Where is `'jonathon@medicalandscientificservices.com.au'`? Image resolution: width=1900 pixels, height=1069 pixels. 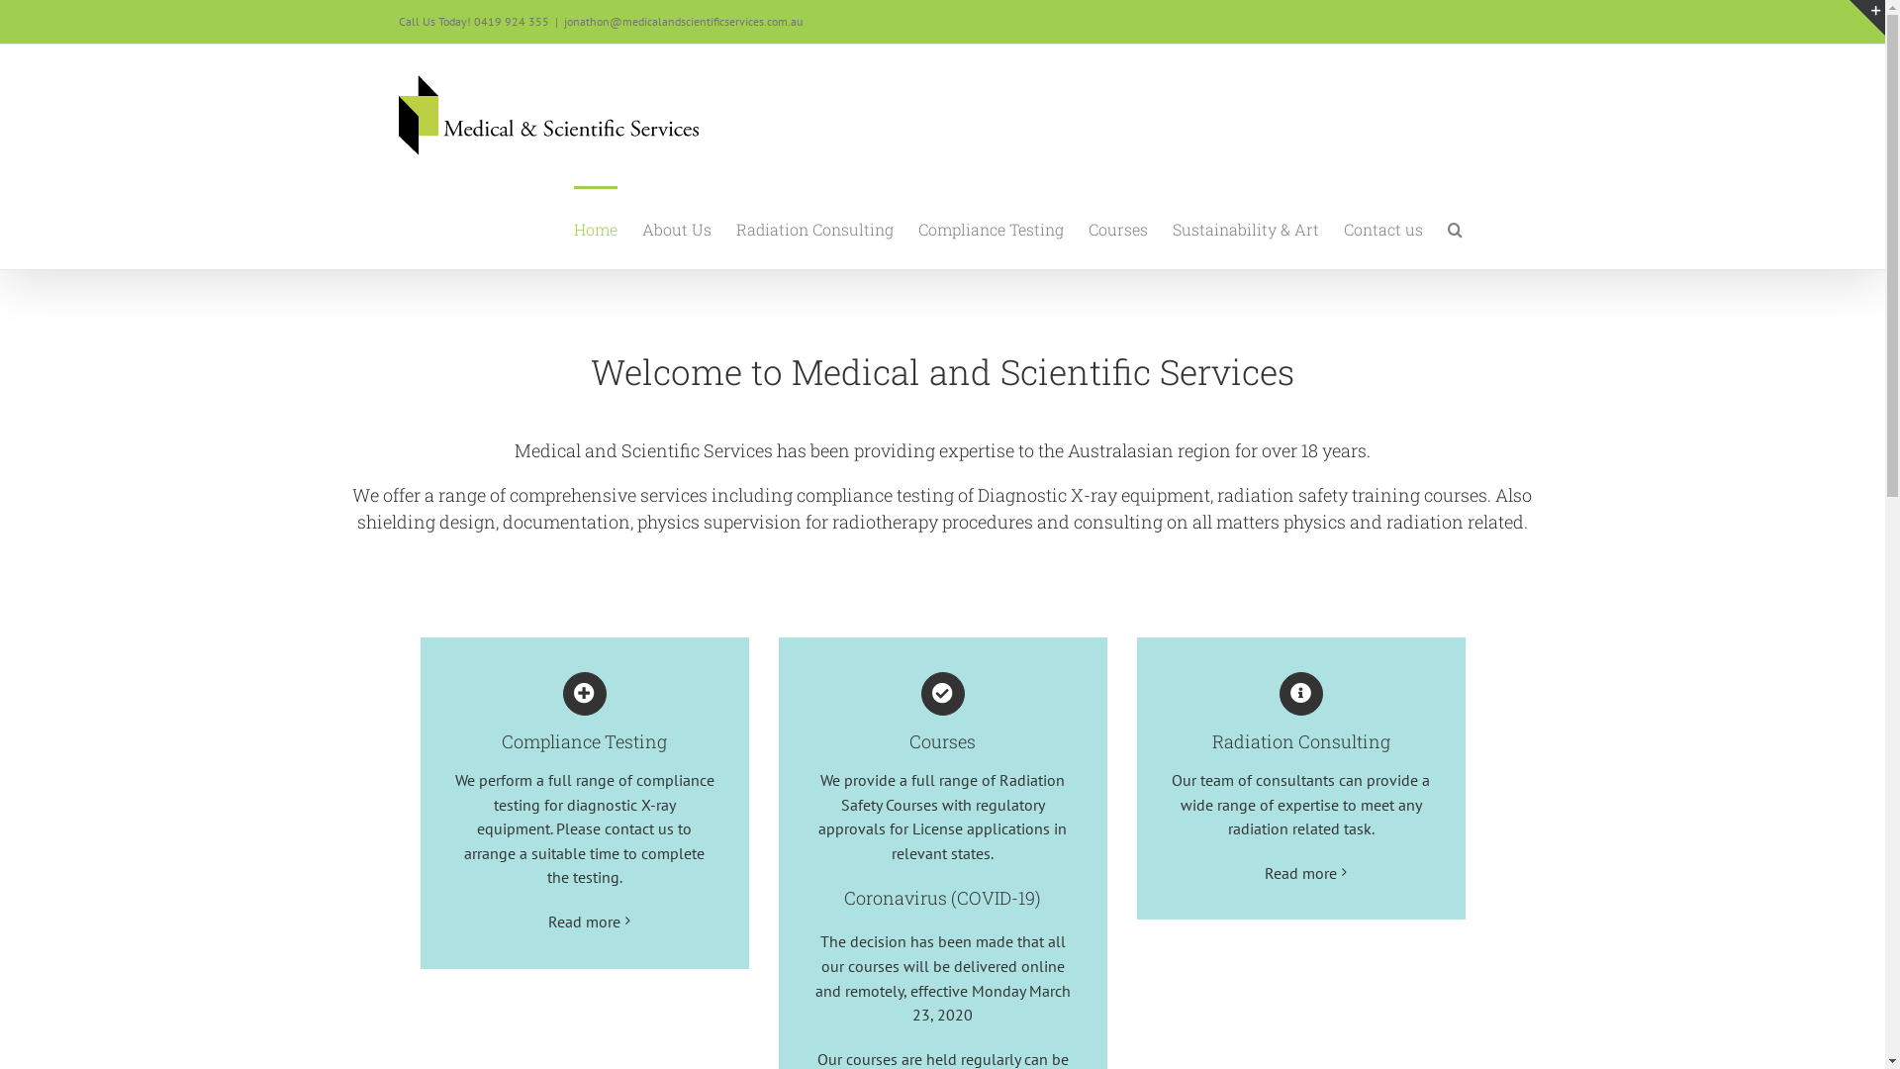 'jonathon@medicalandscientificservices.com.au' is located at coordinates (683, 21).